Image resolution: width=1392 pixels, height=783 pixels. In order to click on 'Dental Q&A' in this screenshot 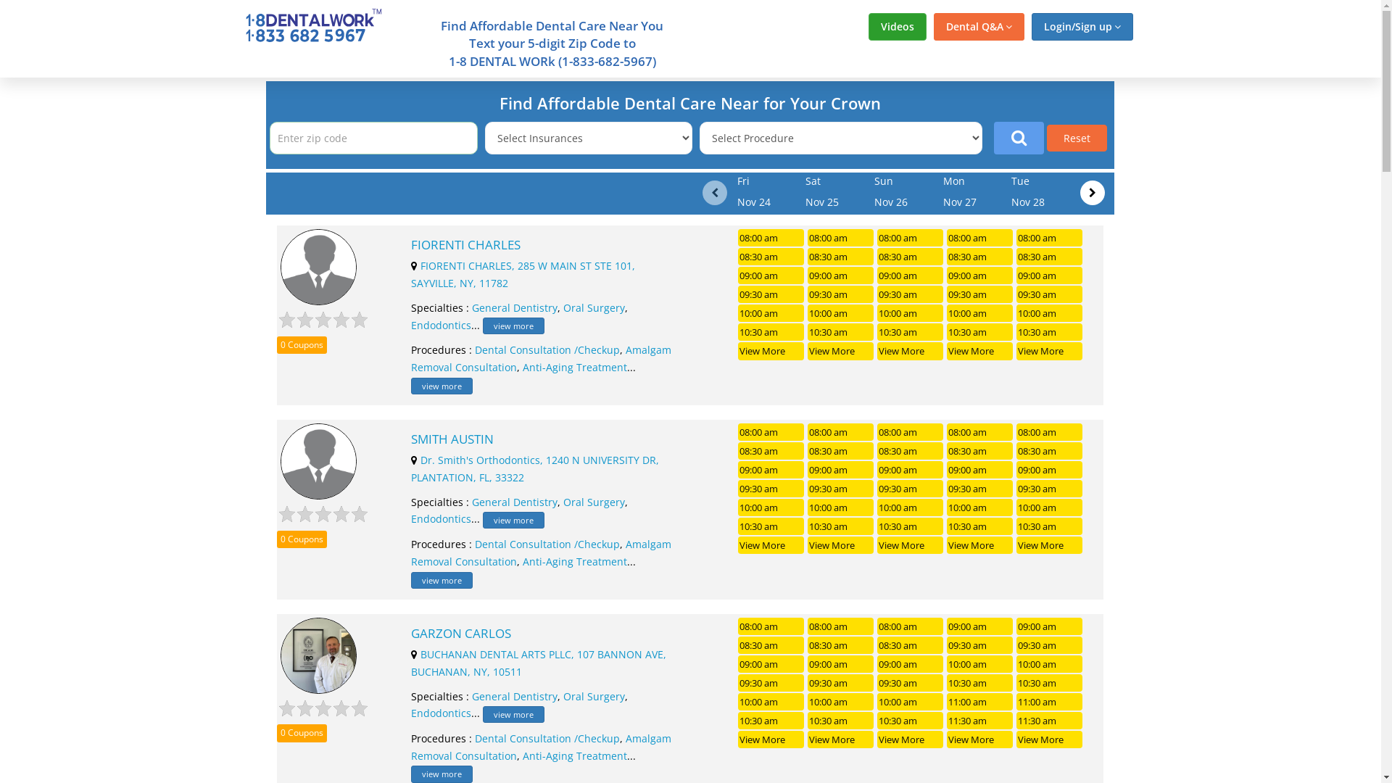, I will do `click(979, 27)`.